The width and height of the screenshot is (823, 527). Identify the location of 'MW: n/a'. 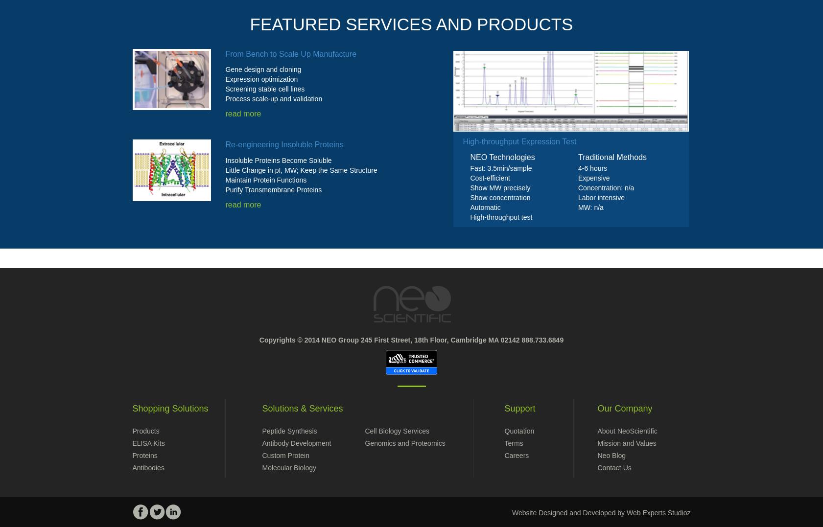
(590, 207).